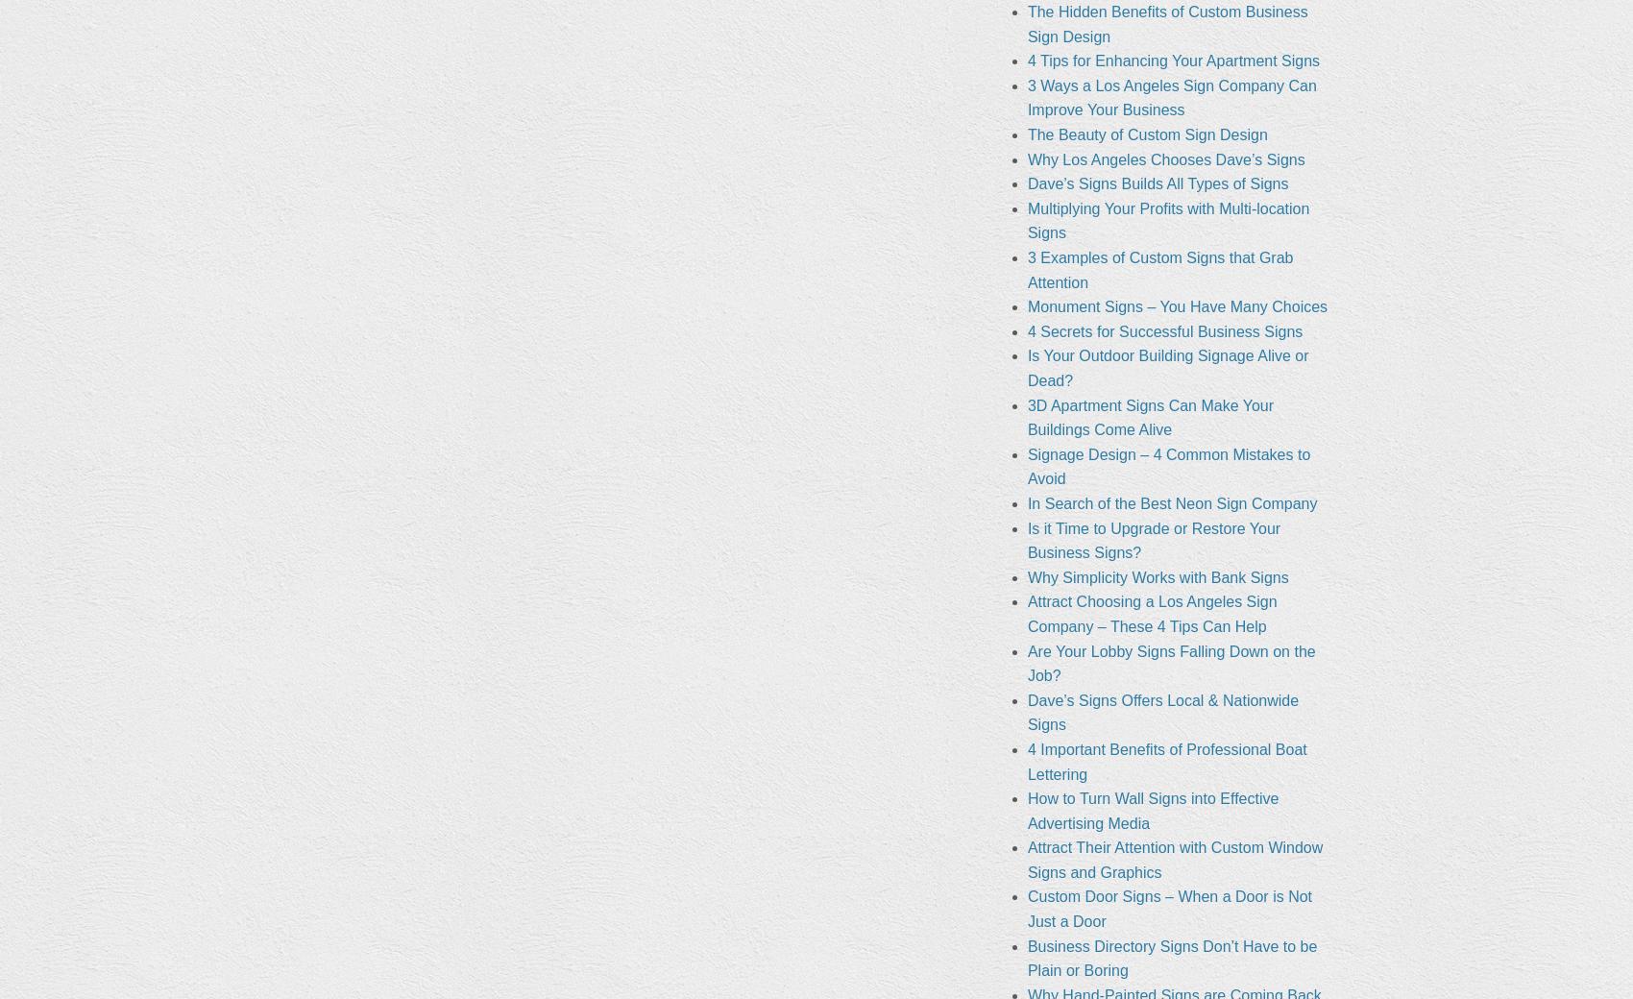  I want to click on 'Dave’s Signs Builds All Types of Signs', so click(1156, 183).